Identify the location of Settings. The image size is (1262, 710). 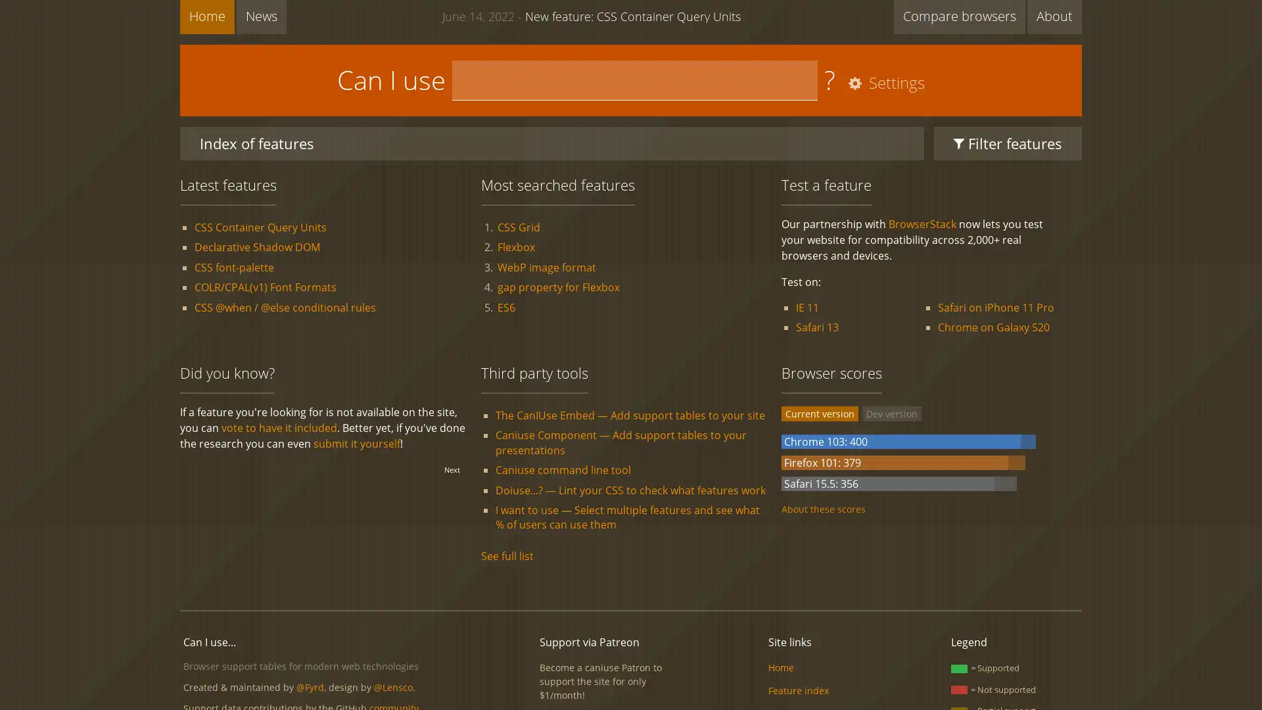
(883, 83).